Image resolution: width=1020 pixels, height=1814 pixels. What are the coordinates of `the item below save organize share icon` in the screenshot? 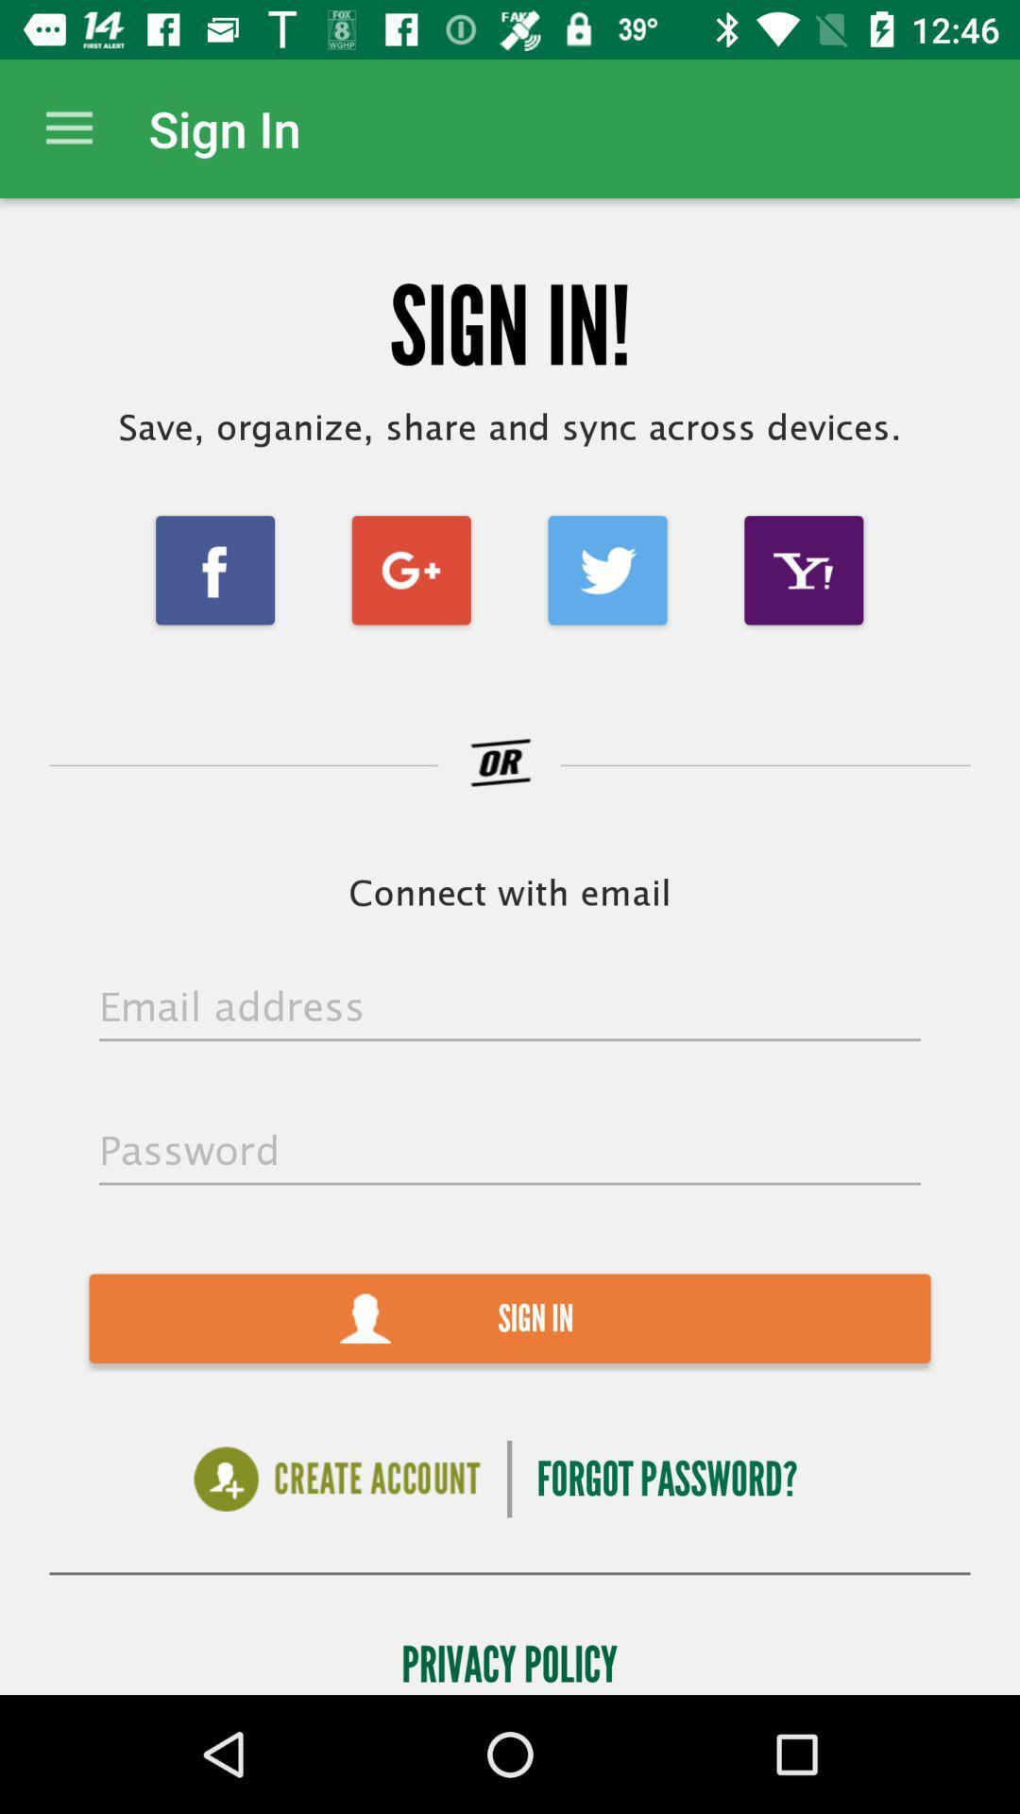 It's located at (804, 569).